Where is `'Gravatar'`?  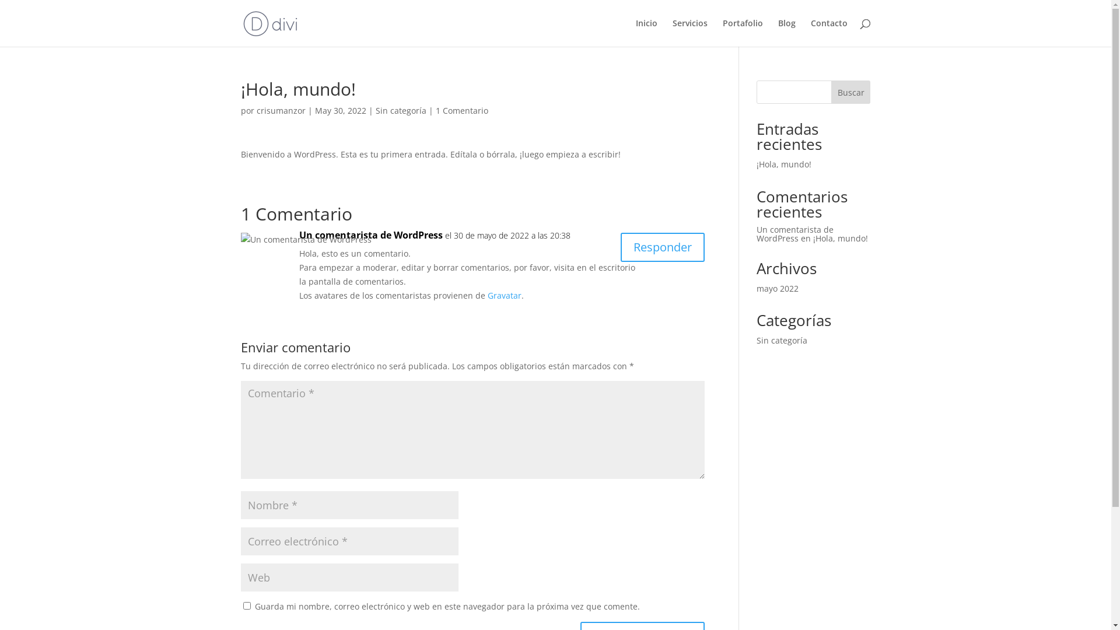
'Gravatar' is located at coordinates (487, 295).